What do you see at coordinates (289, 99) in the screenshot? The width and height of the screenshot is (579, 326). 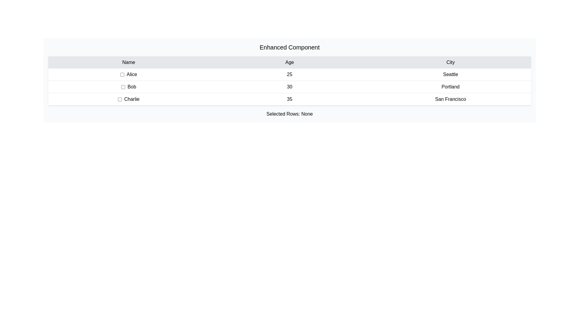 I see `the numeric text label displaying '35' in the 'Age' column of the table, which is horizontally aligned with 'Charlie' in the 'Name' column and 'San Francisco' in the 'City' column` at bounding box center [289, 99].